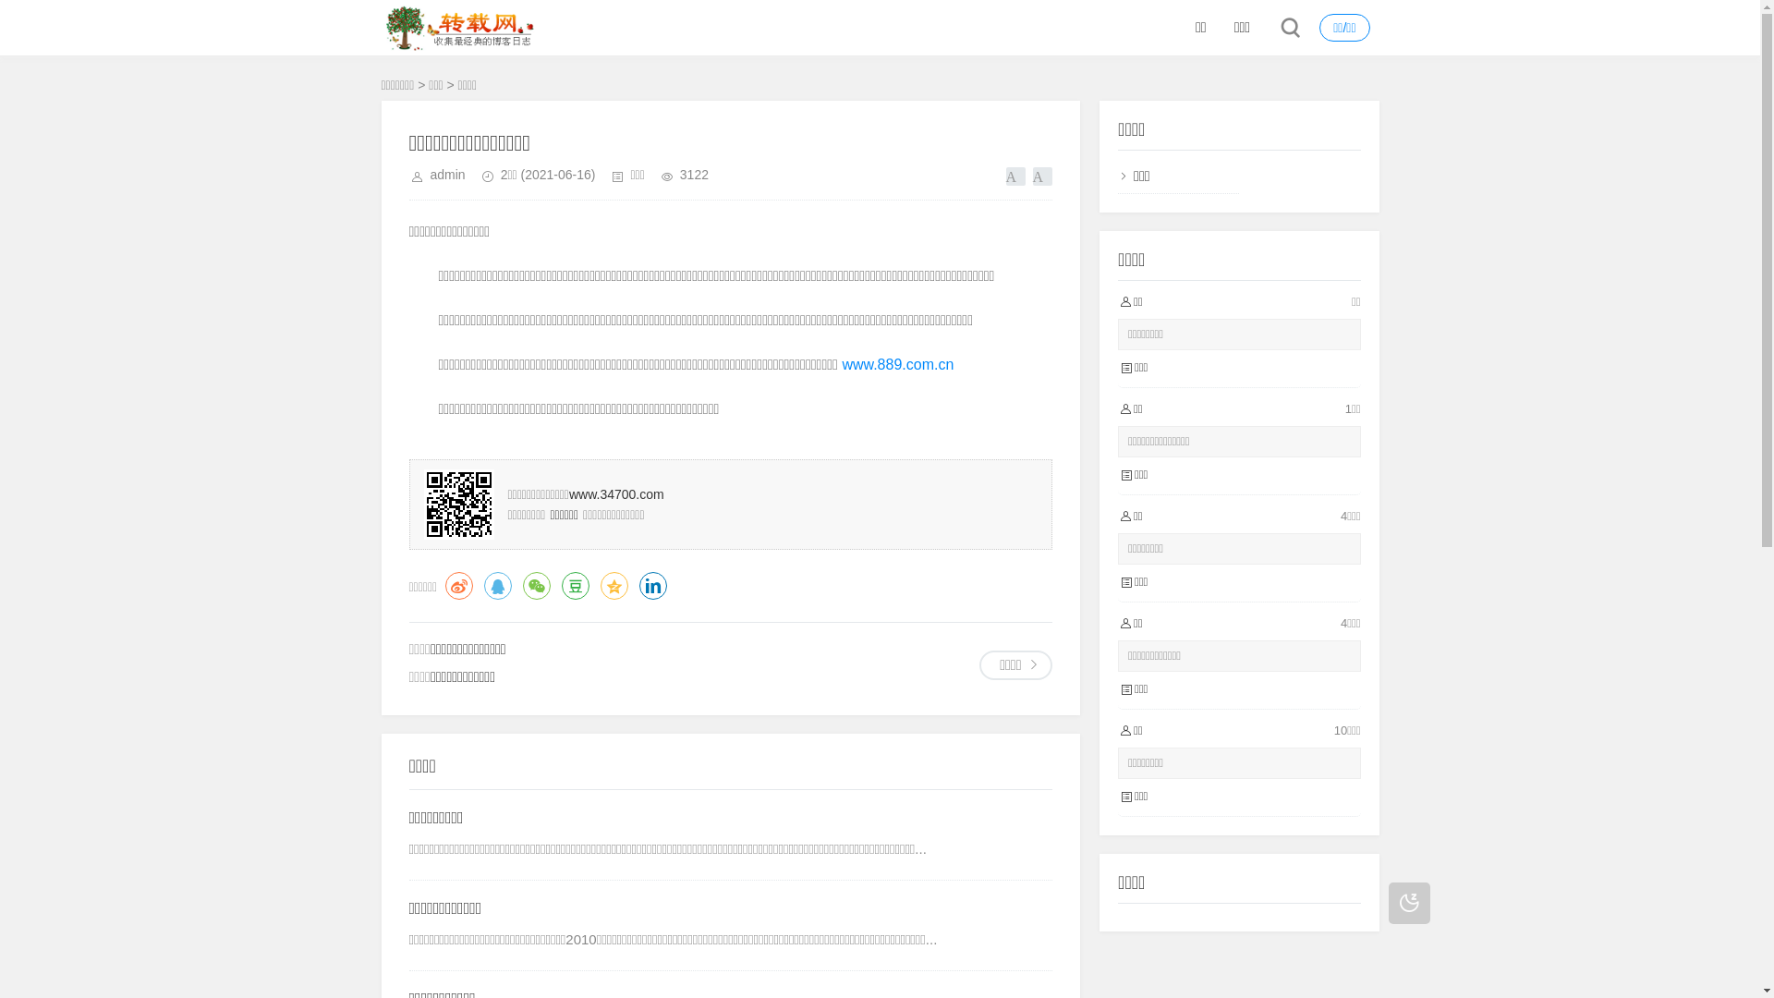 The width and height of the screenshot is (1774, 998). What do you see at coordinates (447, 175) in the screenshot?
I see `'admin'` at bounding box center [447, 175].